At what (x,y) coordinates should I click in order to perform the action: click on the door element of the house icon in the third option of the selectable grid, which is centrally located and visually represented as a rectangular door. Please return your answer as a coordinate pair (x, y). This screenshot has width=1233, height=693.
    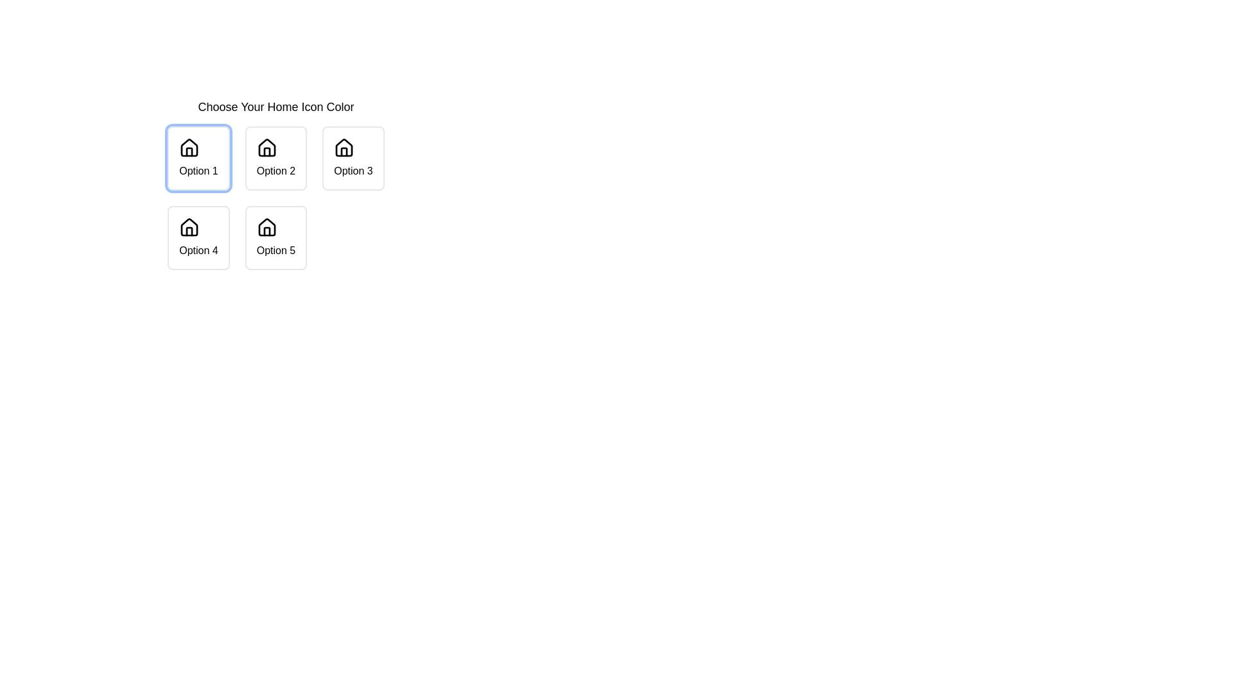
    Looking at the image, I should click on (344, 151).